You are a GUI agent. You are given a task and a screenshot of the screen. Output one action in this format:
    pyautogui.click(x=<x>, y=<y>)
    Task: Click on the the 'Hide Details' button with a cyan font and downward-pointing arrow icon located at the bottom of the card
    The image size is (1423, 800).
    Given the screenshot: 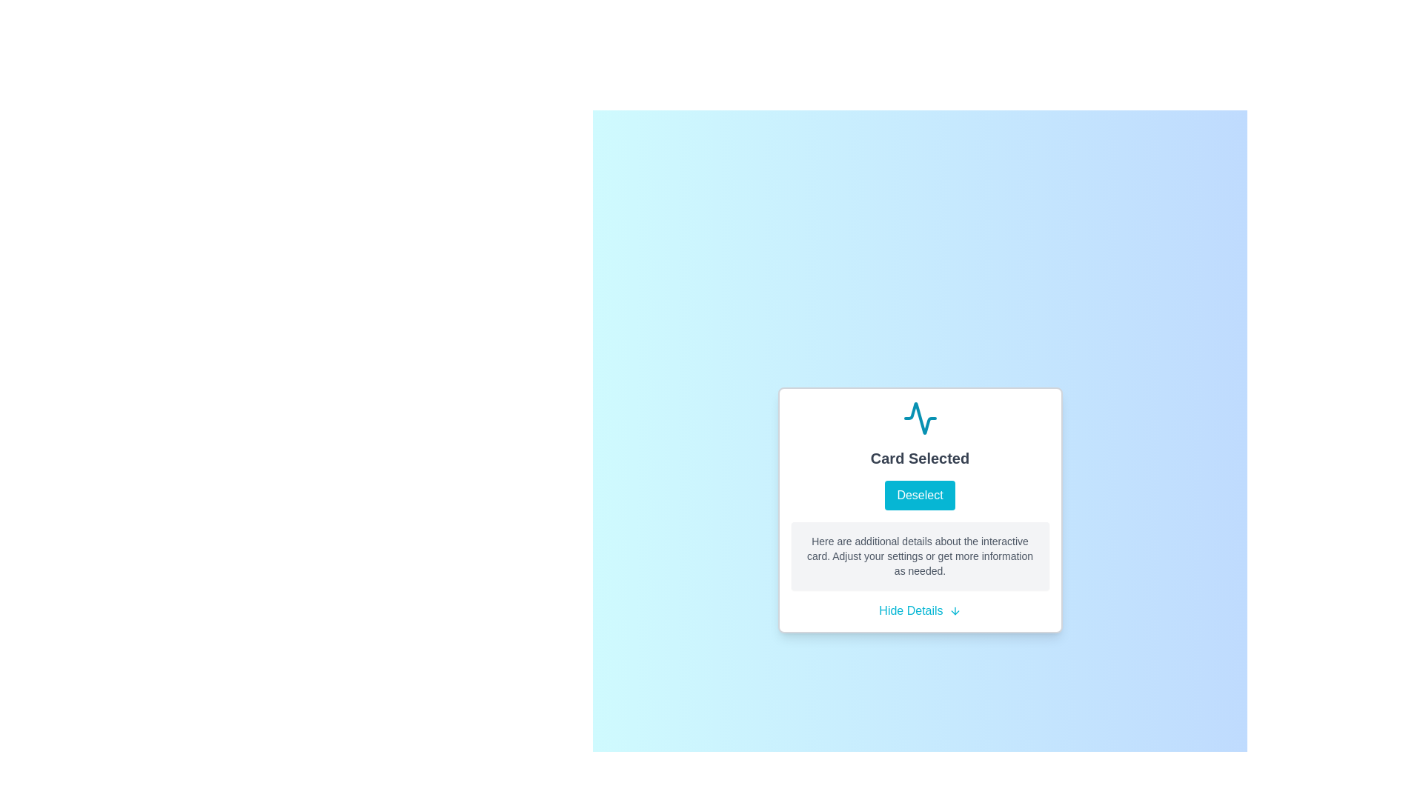 What is the action you would take?
    pyautogui.click(x=919, y=611)
    